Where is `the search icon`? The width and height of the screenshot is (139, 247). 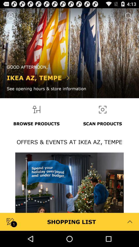
the search icon is located at coordinates (128, 16).